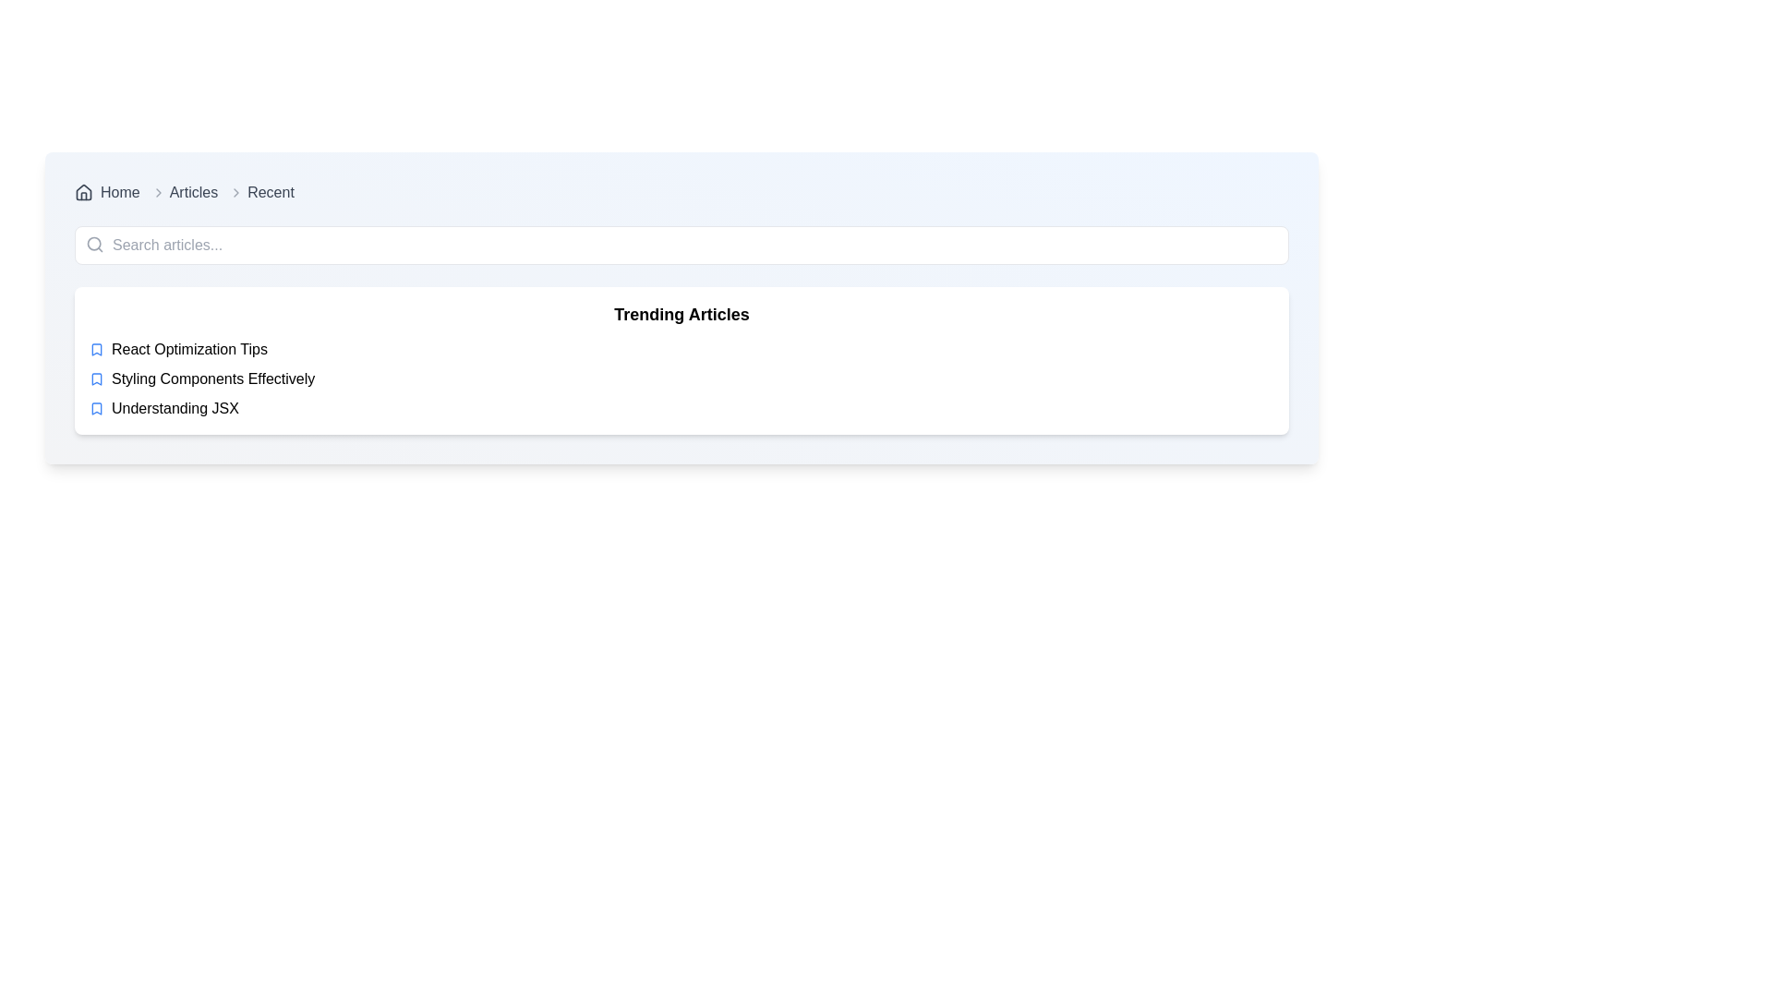 The height and width of the screenshot is (997, 1773). I want to click on the 'Recent' hyperlink in the breadcrumb navigation, so click(270, 192).